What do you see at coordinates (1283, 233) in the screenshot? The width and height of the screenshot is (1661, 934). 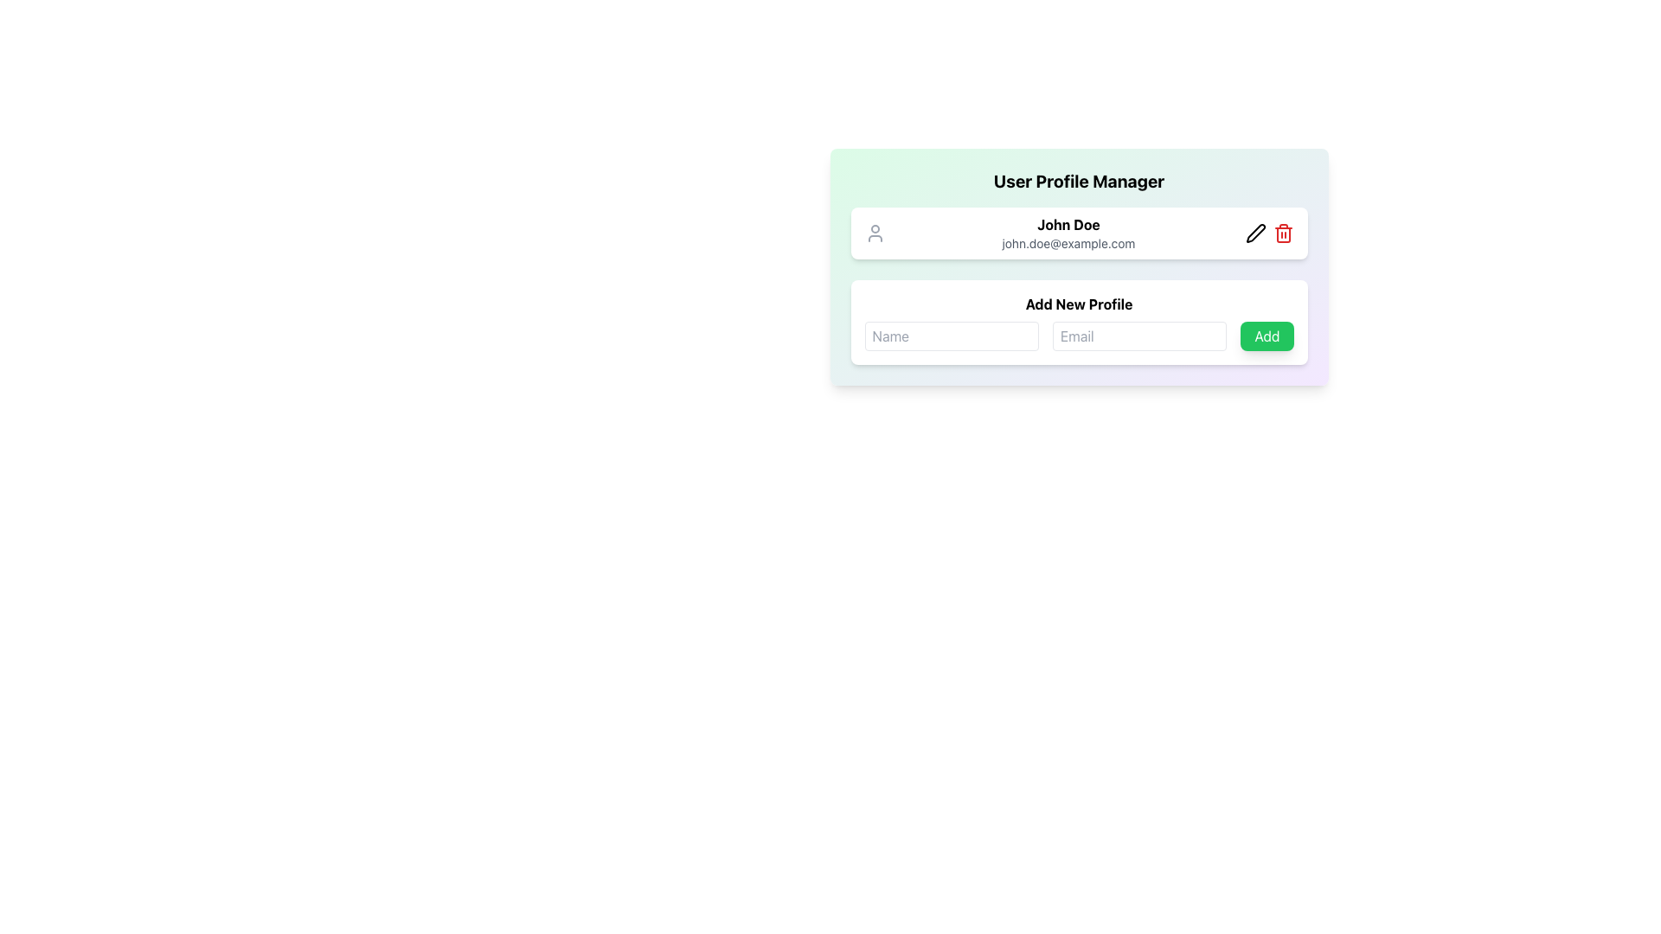 I see `the delete button located at the top-right corner of John Doe's profile card` at bounding box center [1283, 233].